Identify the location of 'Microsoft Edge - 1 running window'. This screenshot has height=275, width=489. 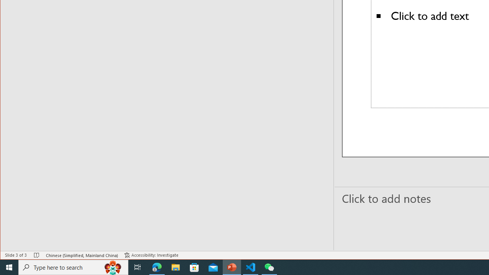
(157, 267).